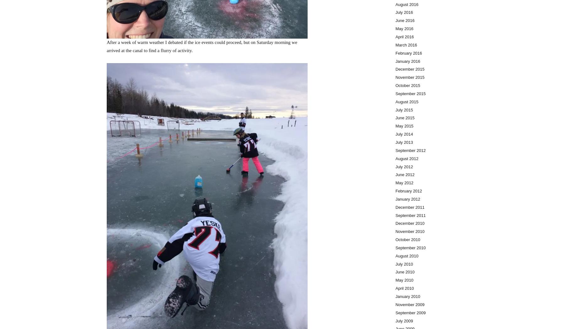 The height and width of the screenshot is (329, 565). Describe the element at coordinates (405, 117) in the screenshot. I see `'June 2015'` at that location.